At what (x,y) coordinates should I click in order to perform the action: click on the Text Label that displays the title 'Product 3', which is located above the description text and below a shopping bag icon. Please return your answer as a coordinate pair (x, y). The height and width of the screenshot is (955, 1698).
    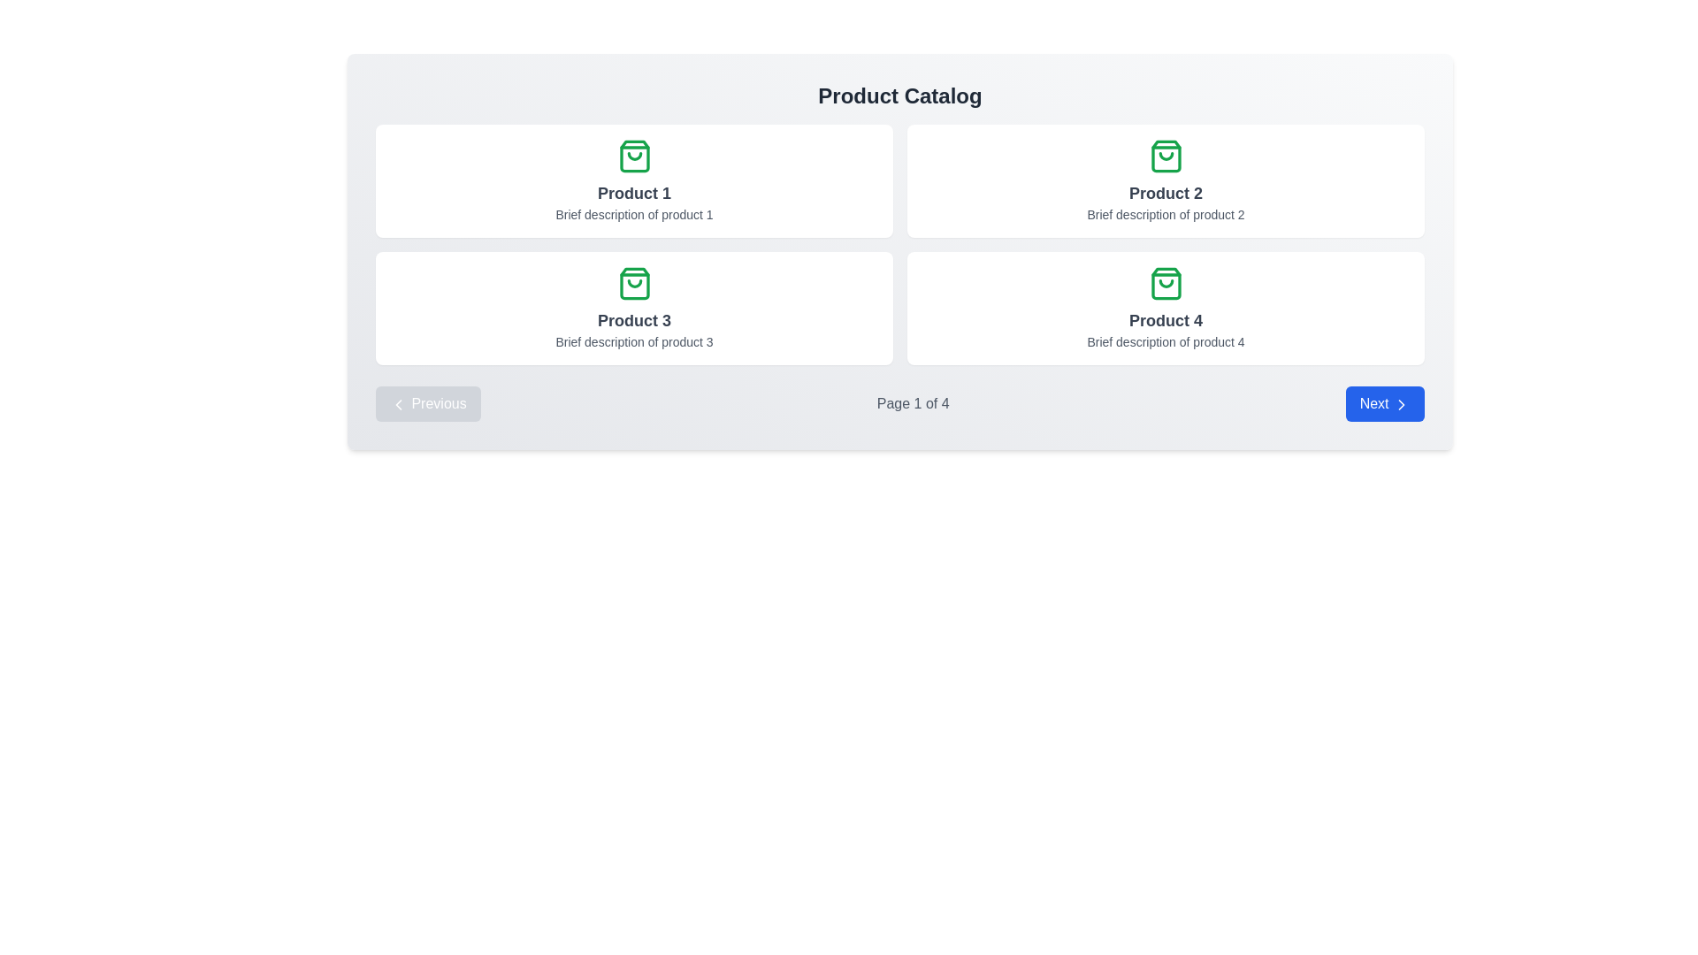
    Looking at the image, I should click on (634, 320).